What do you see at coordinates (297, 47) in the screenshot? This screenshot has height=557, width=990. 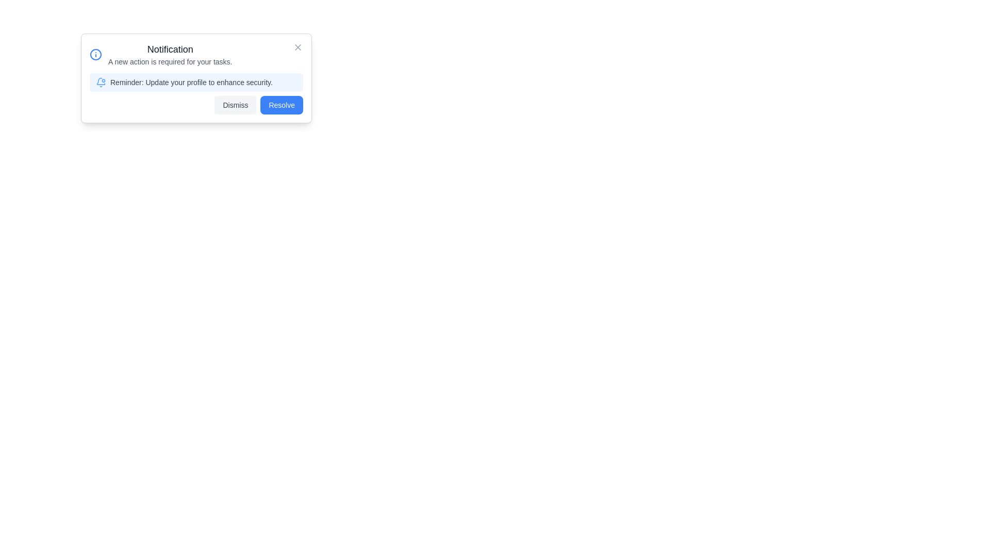 I see `the close button located in the top-right corner of the notification card` at bounding box center [297, 47].